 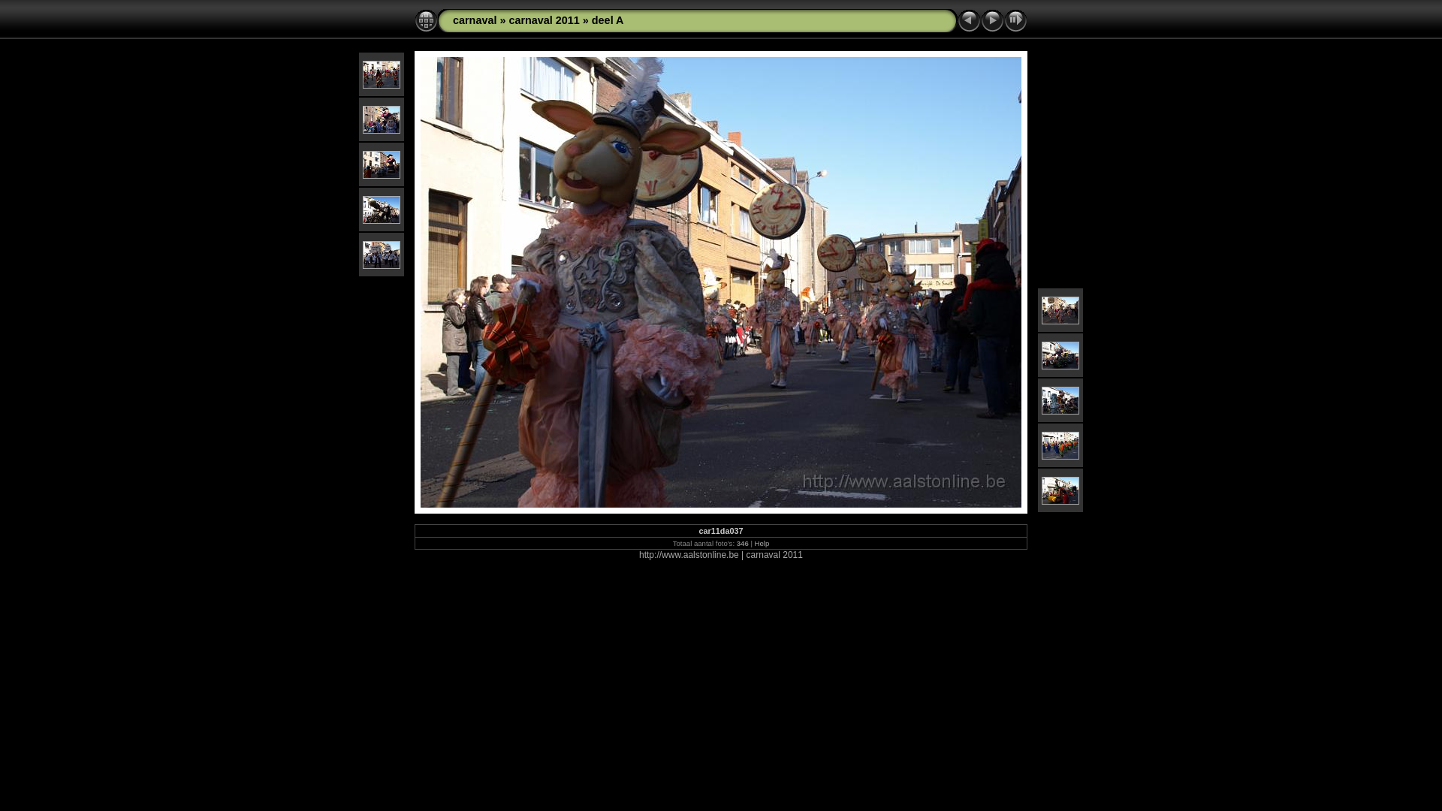 What do you see at coordinates (543, 20) in the screenshot?
I see `'carnaval 2011'` at bounding box center [543, 20].